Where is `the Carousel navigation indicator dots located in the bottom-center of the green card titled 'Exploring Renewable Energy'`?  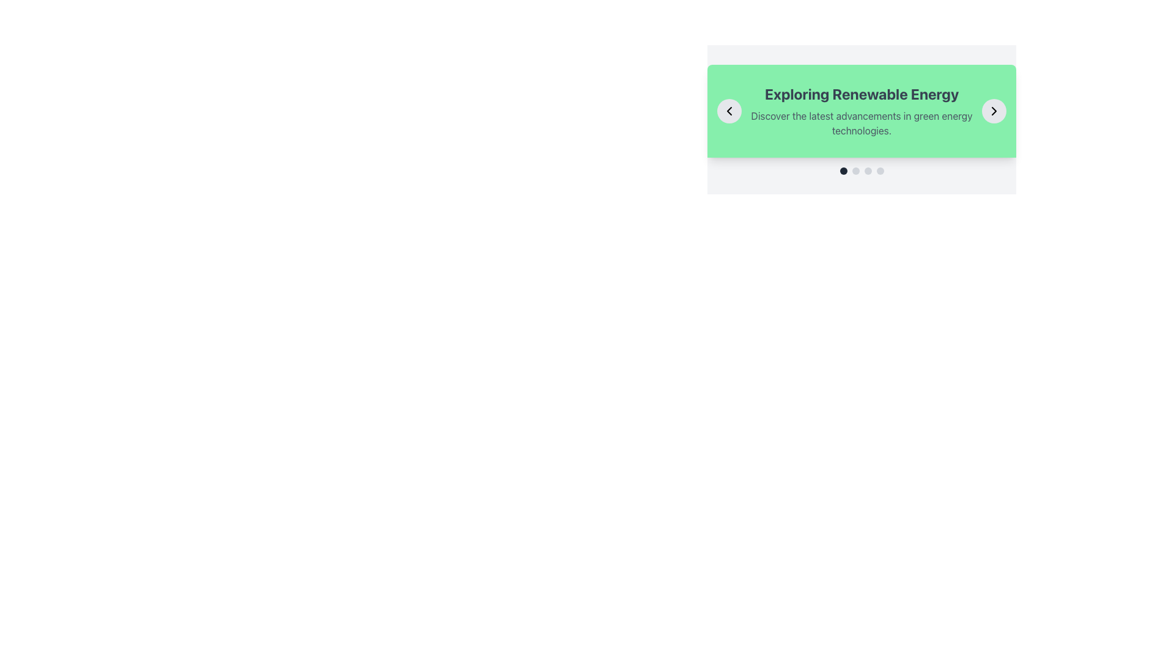 the Carousel navigation indicator dots located in the bottom-center of the green card titled 'Exploring Renewable Energy' is located at coordinates (861, 171).